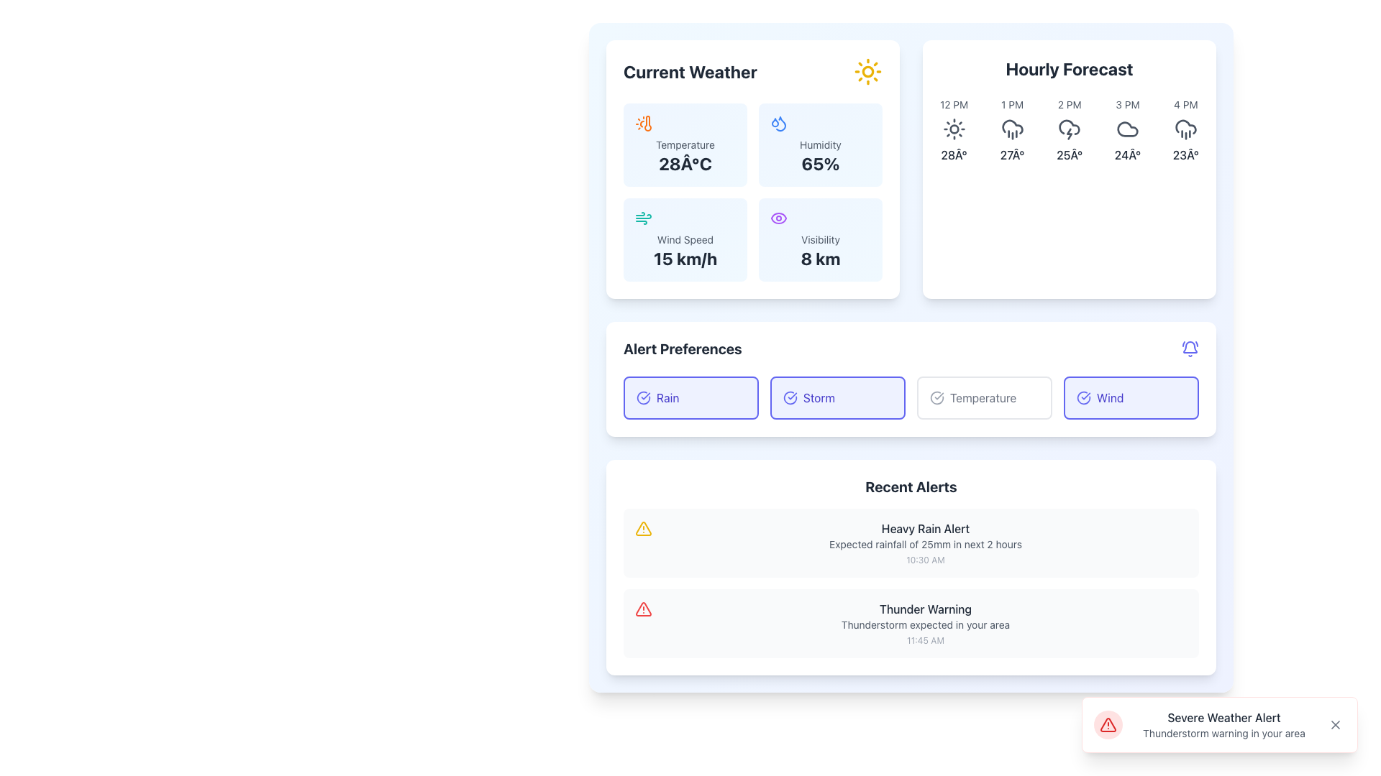 The height and width of the screenshot is (776, 1381). I want to click on the 'Temperature' alert preference toggle button, which is the third button in the 'Alert Preferences' section, located between the 'Storm' and 'Wind' buttons, so click(911, 398).